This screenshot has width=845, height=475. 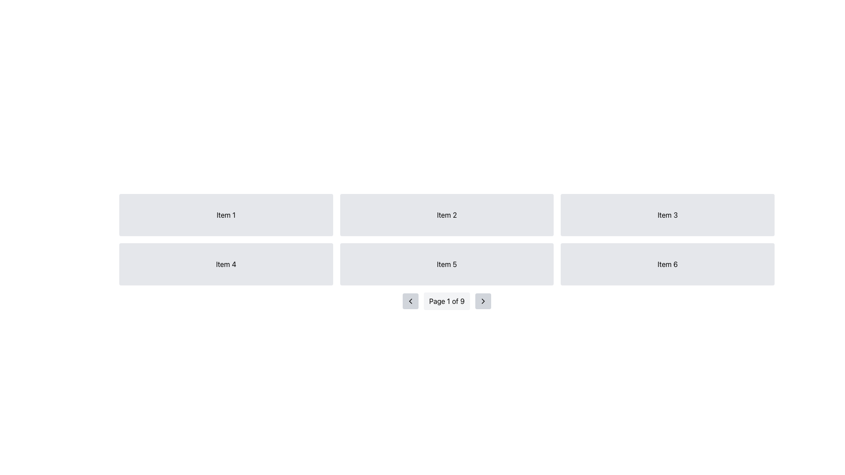 What do you see at coordinates (226, 264) in the screenshot?
I see `the card-like component with a light-gray background and centered text 'Item 4', located in the second row, first column of the grid` at bounding box center [226, 264].